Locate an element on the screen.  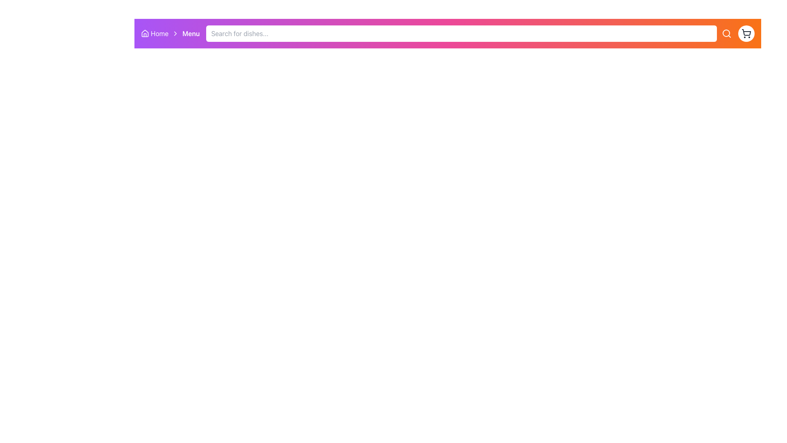
the 'Home' hyperlink element, which includes an icon and text is located at coordinates (155, 33).